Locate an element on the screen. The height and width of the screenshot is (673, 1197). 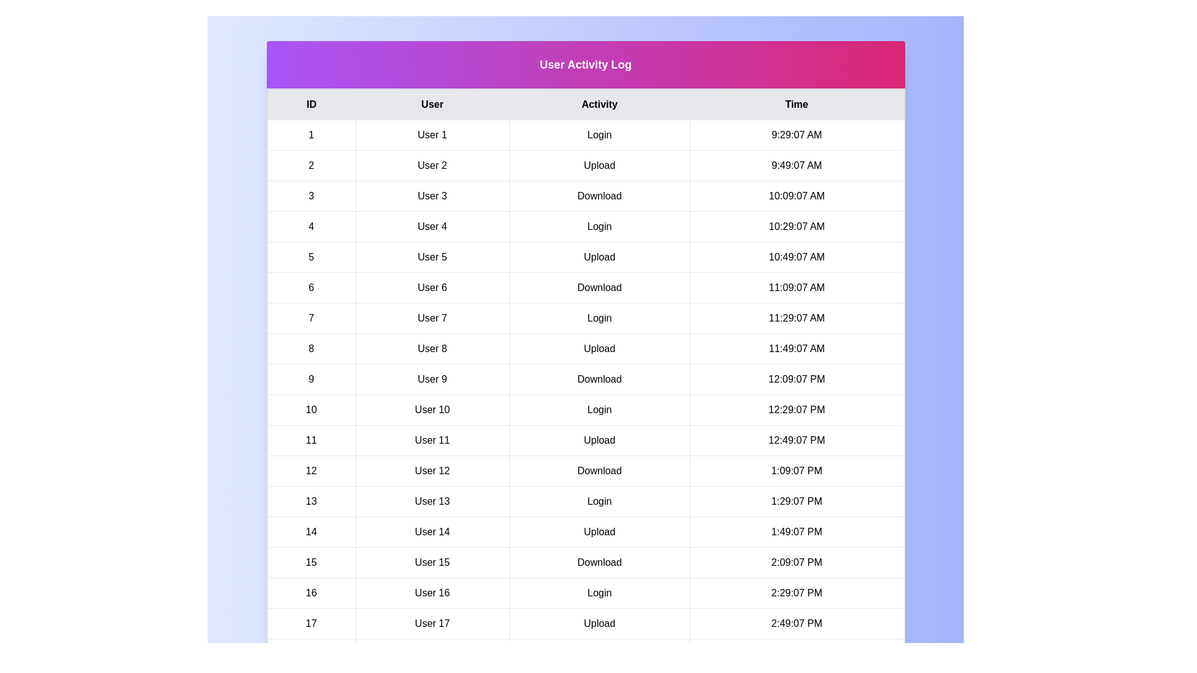
the row corresponding to 15 is located at coordinates (585, 562).